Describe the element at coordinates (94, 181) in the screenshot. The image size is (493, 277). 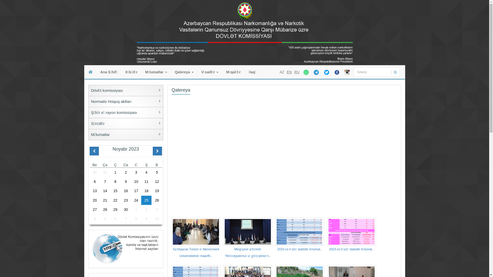
I see `'6'` at that location.